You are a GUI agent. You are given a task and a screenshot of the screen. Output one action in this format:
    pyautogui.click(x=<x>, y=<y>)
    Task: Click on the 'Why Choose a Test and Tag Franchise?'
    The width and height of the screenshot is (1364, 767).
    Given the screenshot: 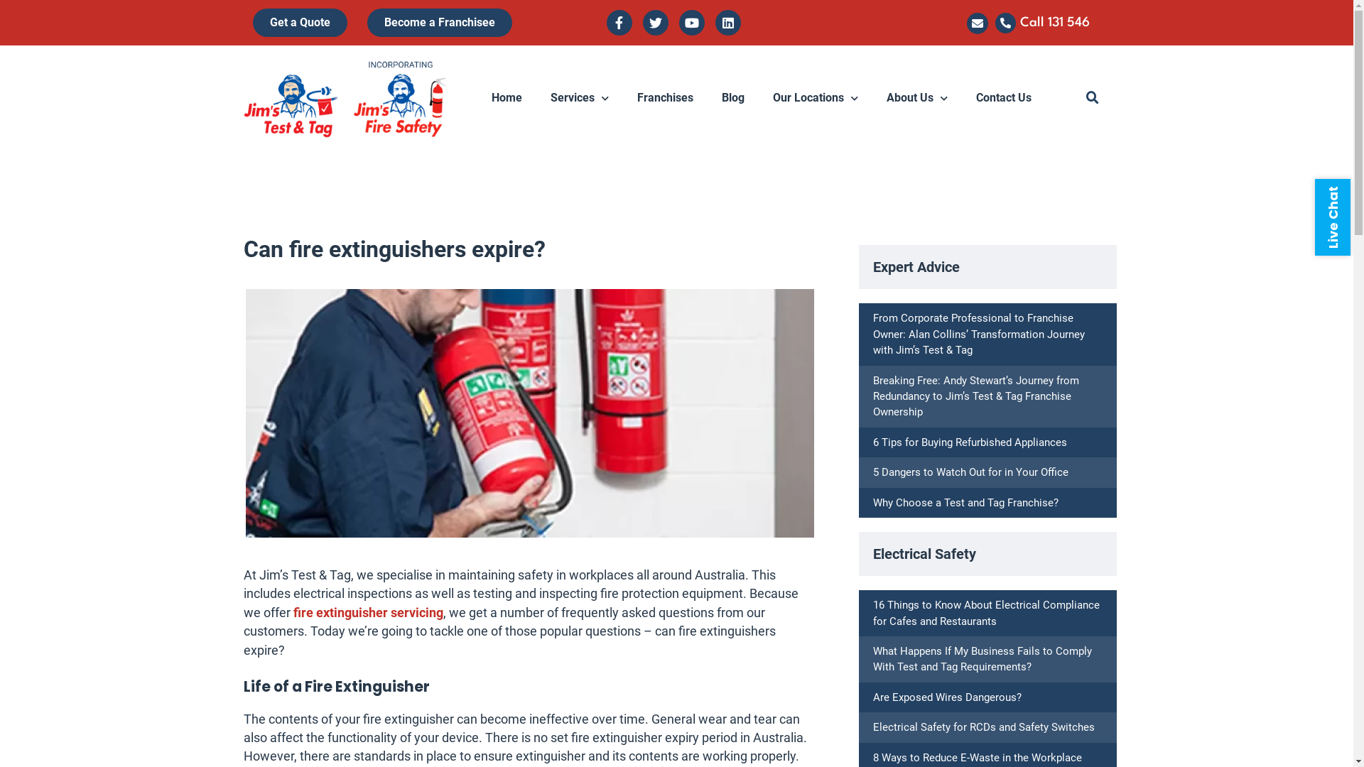 What is the action you would take?
    pyautogui.click(x=965, y=502)
    